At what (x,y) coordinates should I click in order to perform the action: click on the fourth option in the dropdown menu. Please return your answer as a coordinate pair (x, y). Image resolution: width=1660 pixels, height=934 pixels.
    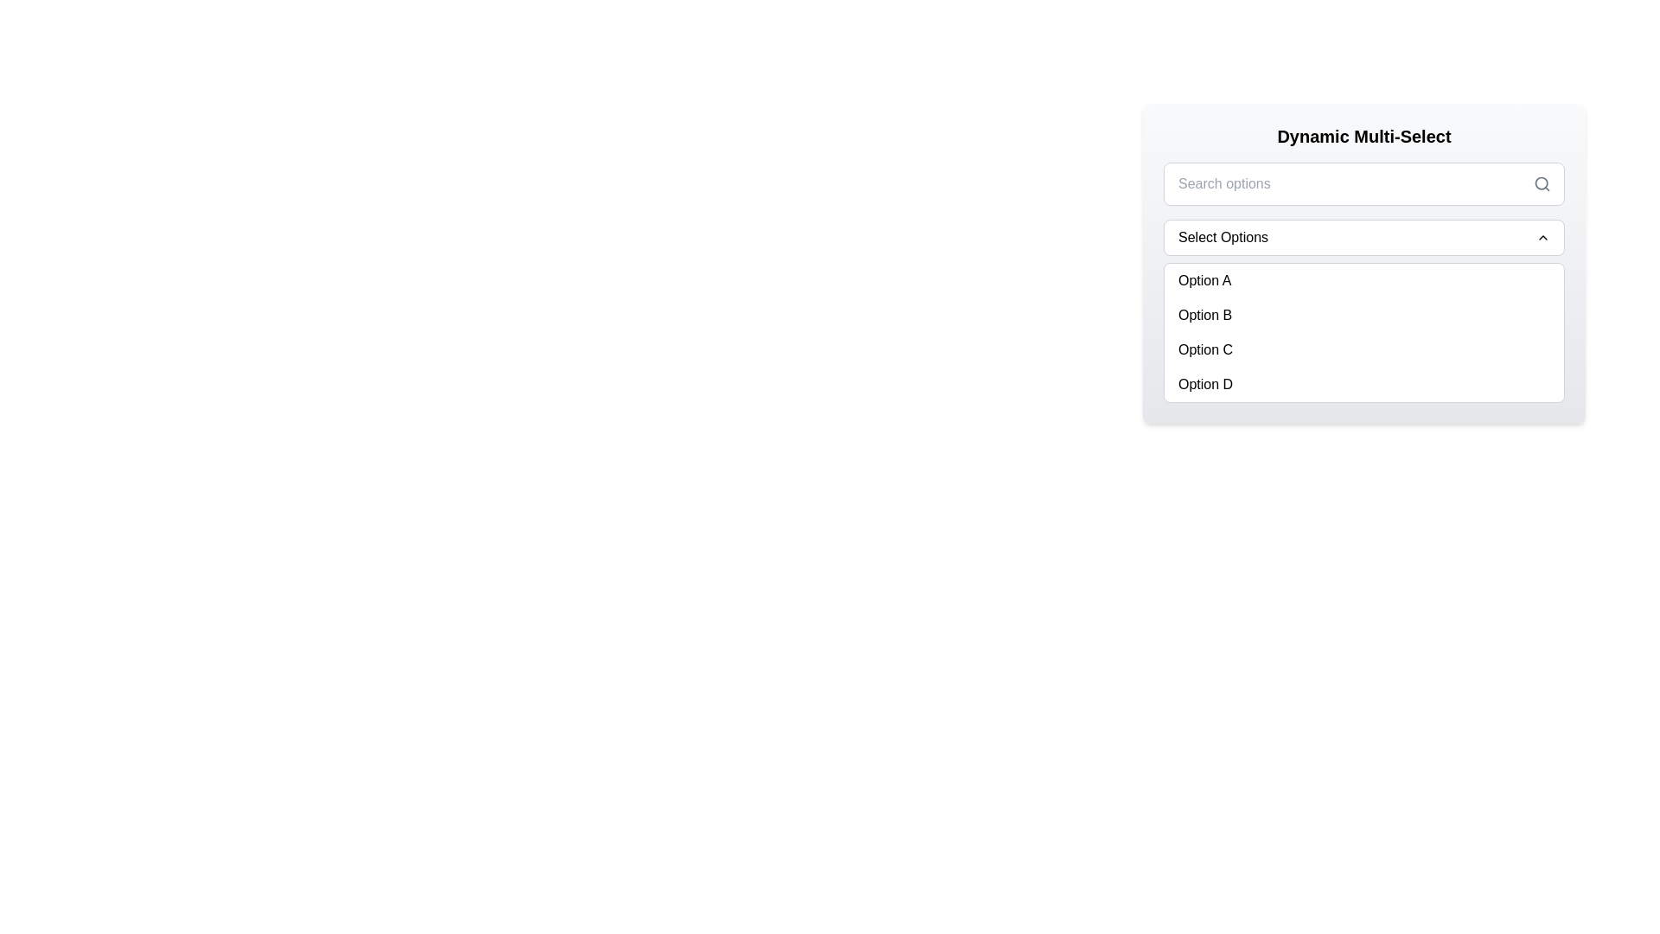
    Looking at the image, I should click on (1203, 383).